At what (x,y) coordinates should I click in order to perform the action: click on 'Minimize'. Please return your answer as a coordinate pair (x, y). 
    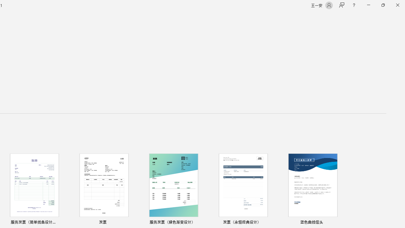
    Looking at the image, I should click on (368, 5).